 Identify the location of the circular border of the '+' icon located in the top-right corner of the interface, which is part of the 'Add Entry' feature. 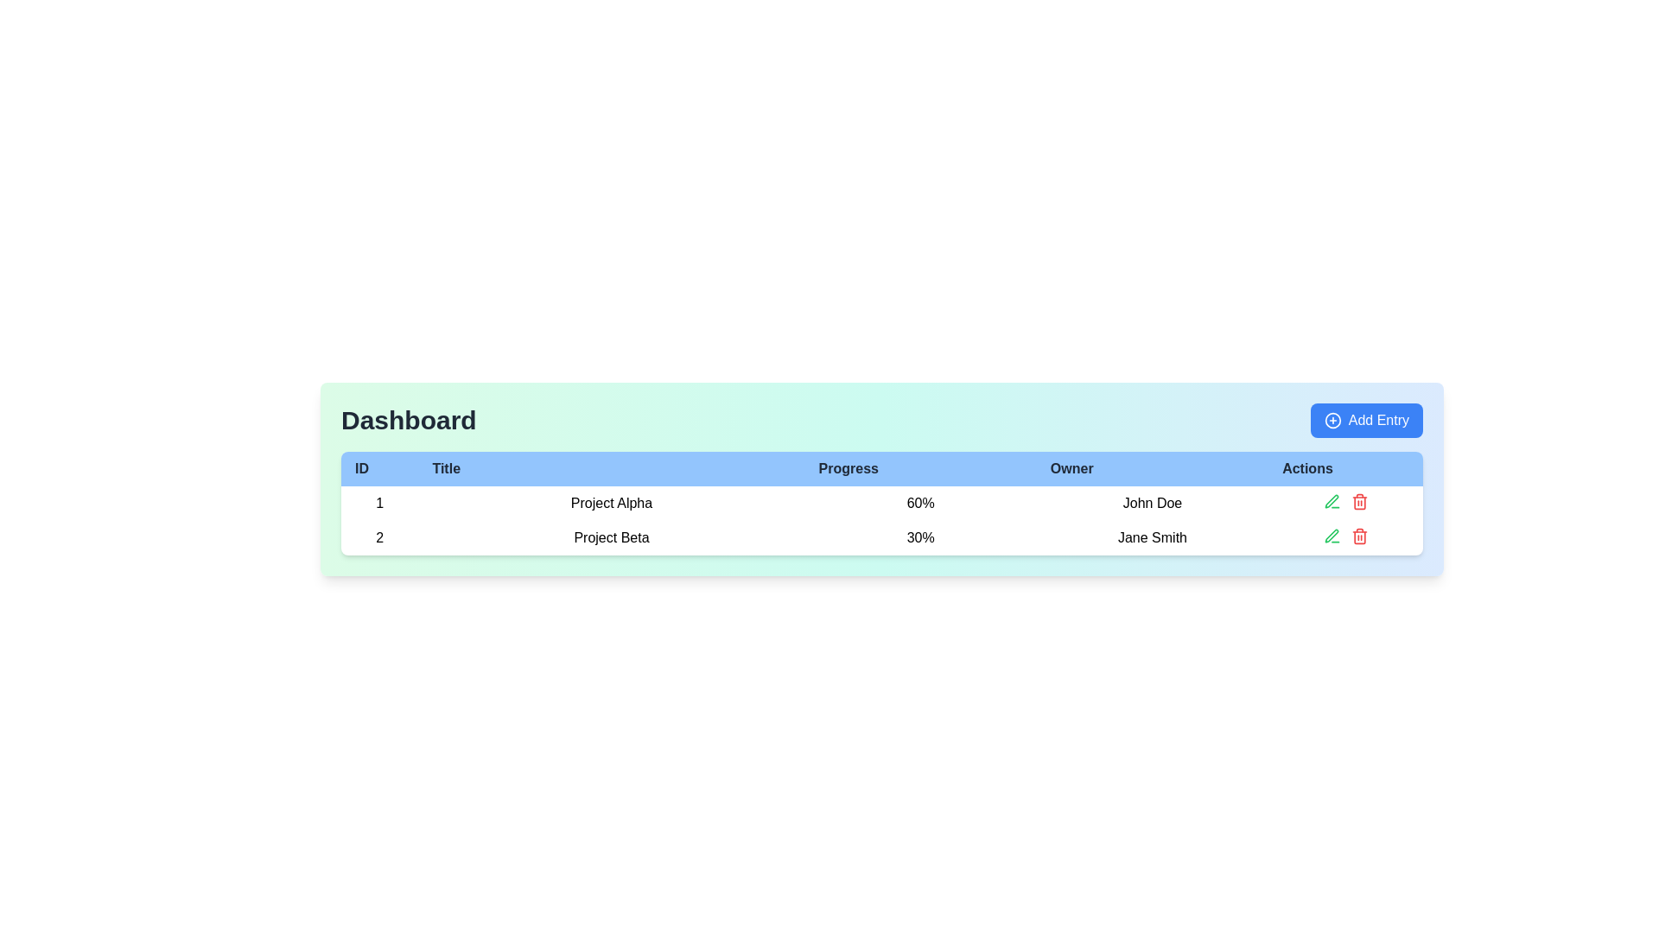
(1332, 420).